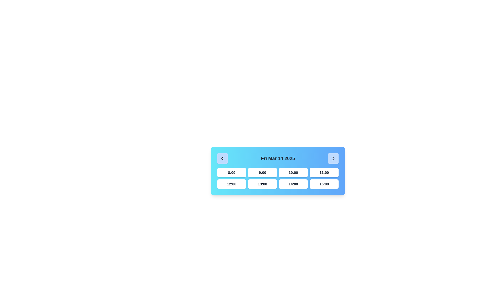 The image size is (502, 282). I want to click on the time selection button for '11:00', so click(324, 172).